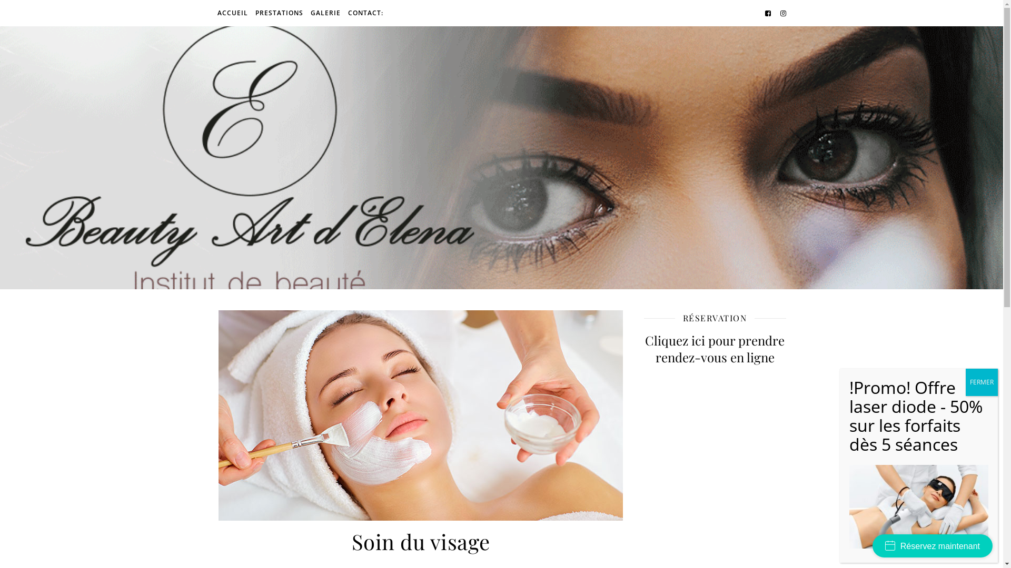 The height and width of the screenshot is (568, 1011). I want to click on 'Cliquez ici pour prendre rendez-vous en ligne', so click(643, 349).